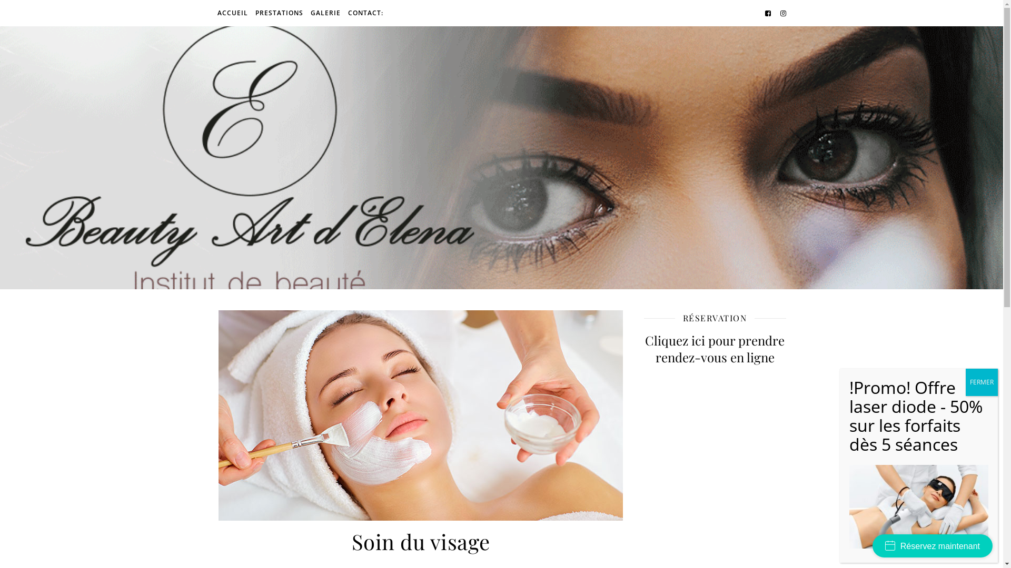 The height and width of the screenshot is (568, 1011). I want to click on 'Cliquez ici pour prendre rendez-vous en ligne', so click(643, 349).